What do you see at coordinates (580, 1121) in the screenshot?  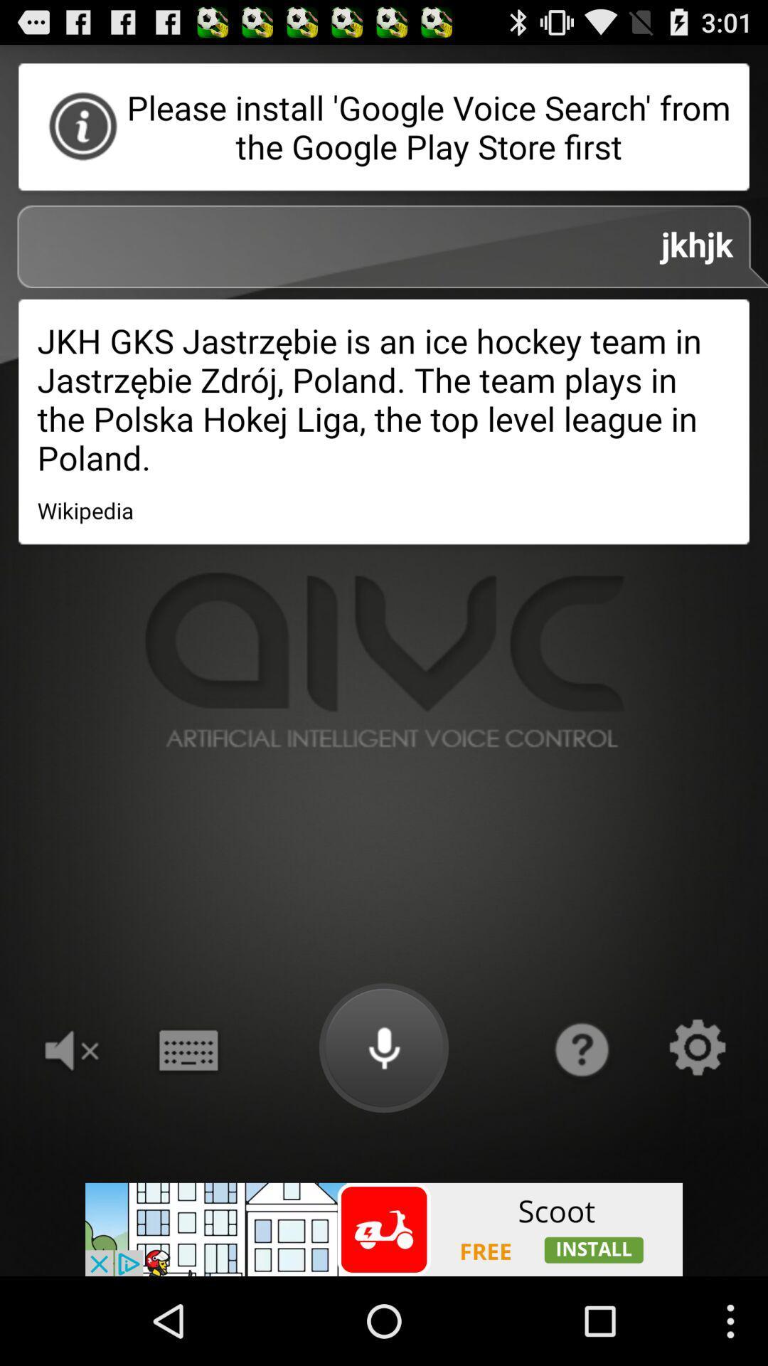 I see `the help icon` at bounding box center [580, 1121].